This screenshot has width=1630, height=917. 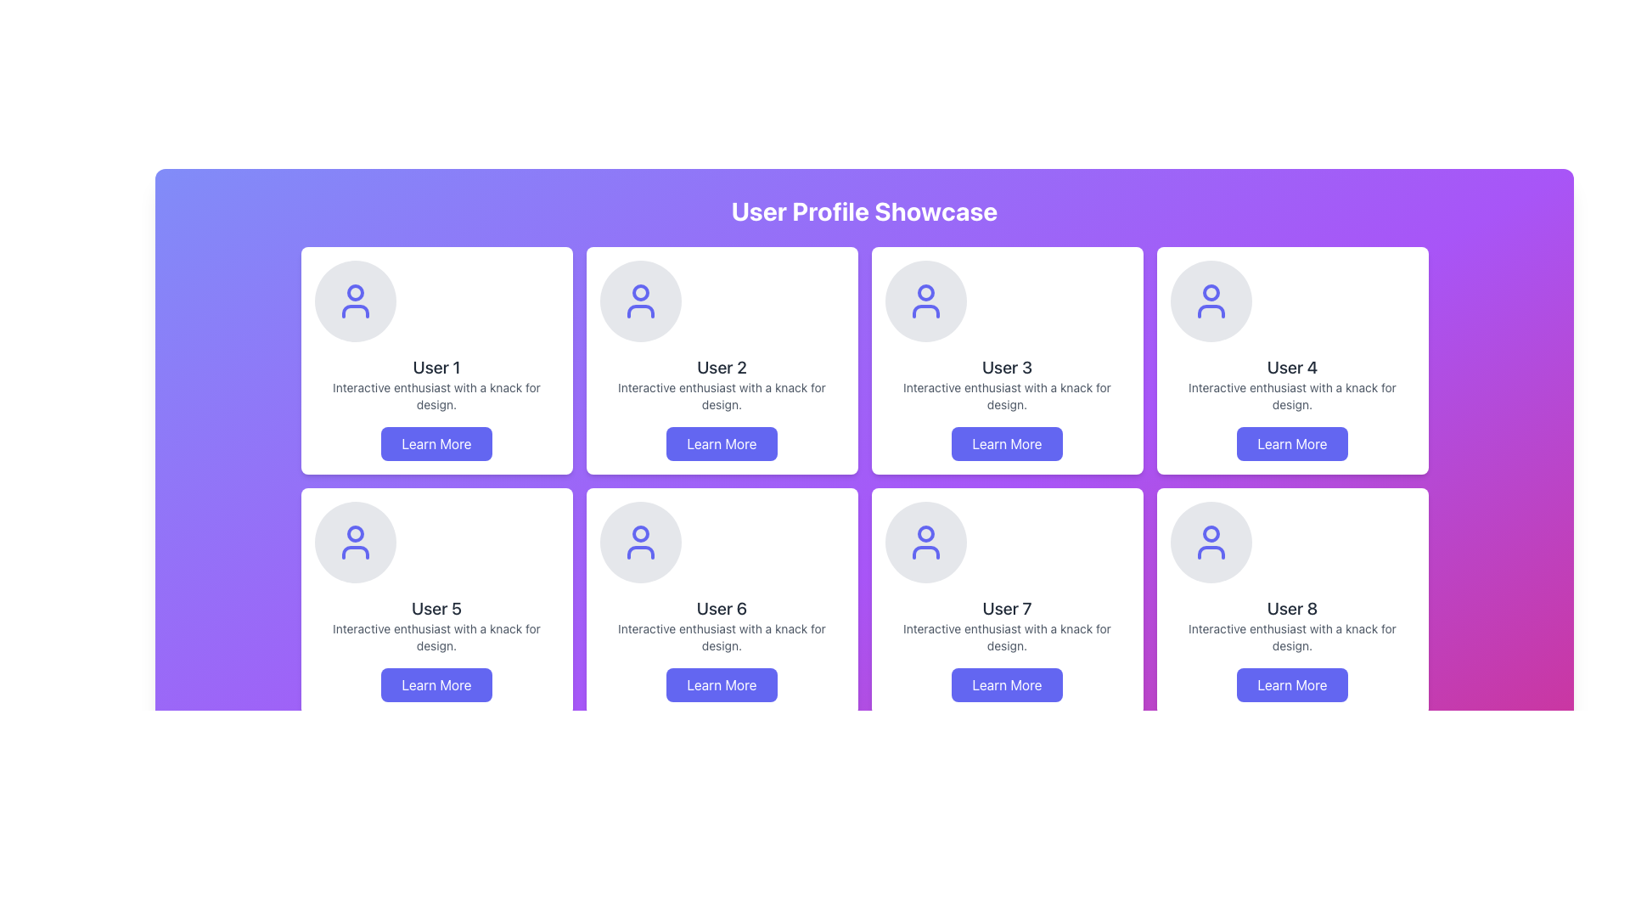 What do you see at coordinates (1291, 638) in the screenshot?
I see `the text element displaying 'Interactive enthusiast with a knack for design.' located below 'User 8' and above the 'Learn More' button in the eighth profile card` at bounding box center [1291, 638].